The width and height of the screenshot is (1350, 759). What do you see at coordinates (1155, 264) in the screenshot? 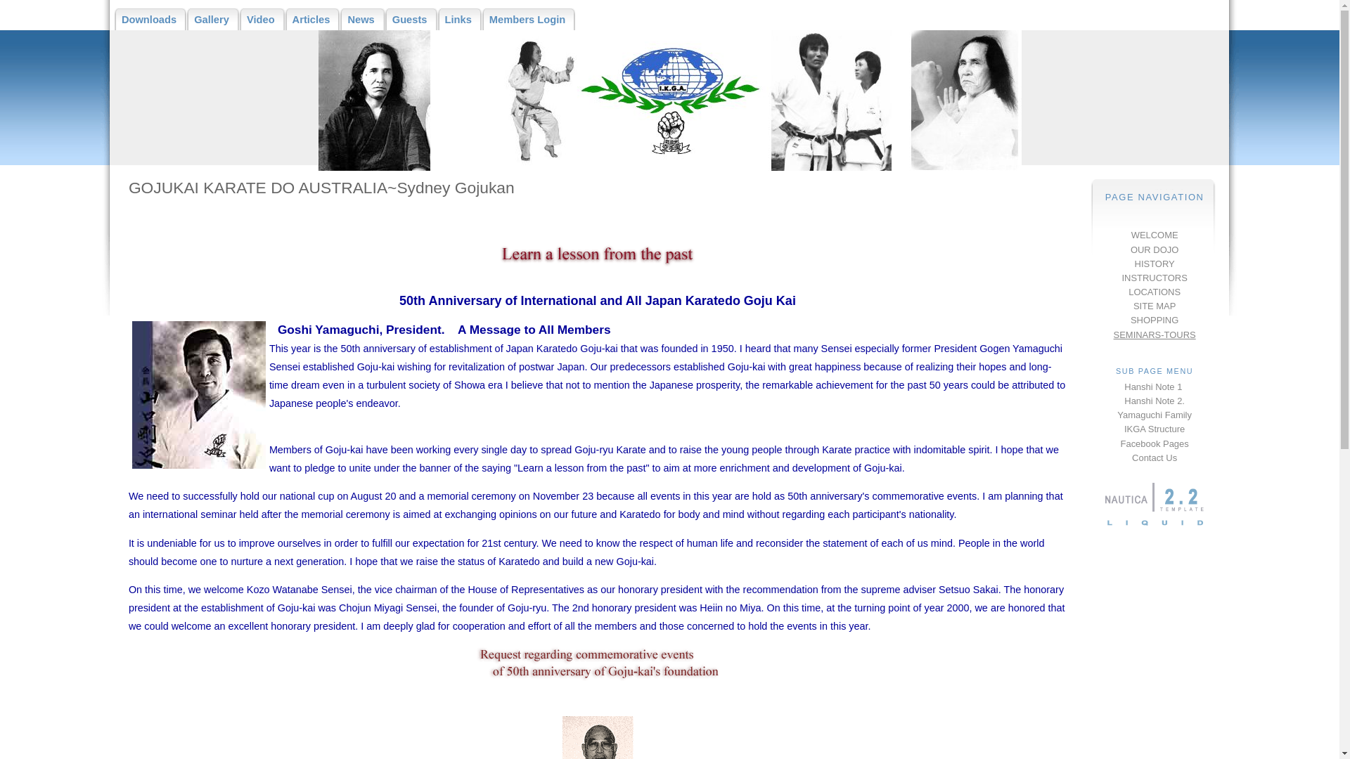
I see `'HISTORY'` at bounding box center [1155, 264].